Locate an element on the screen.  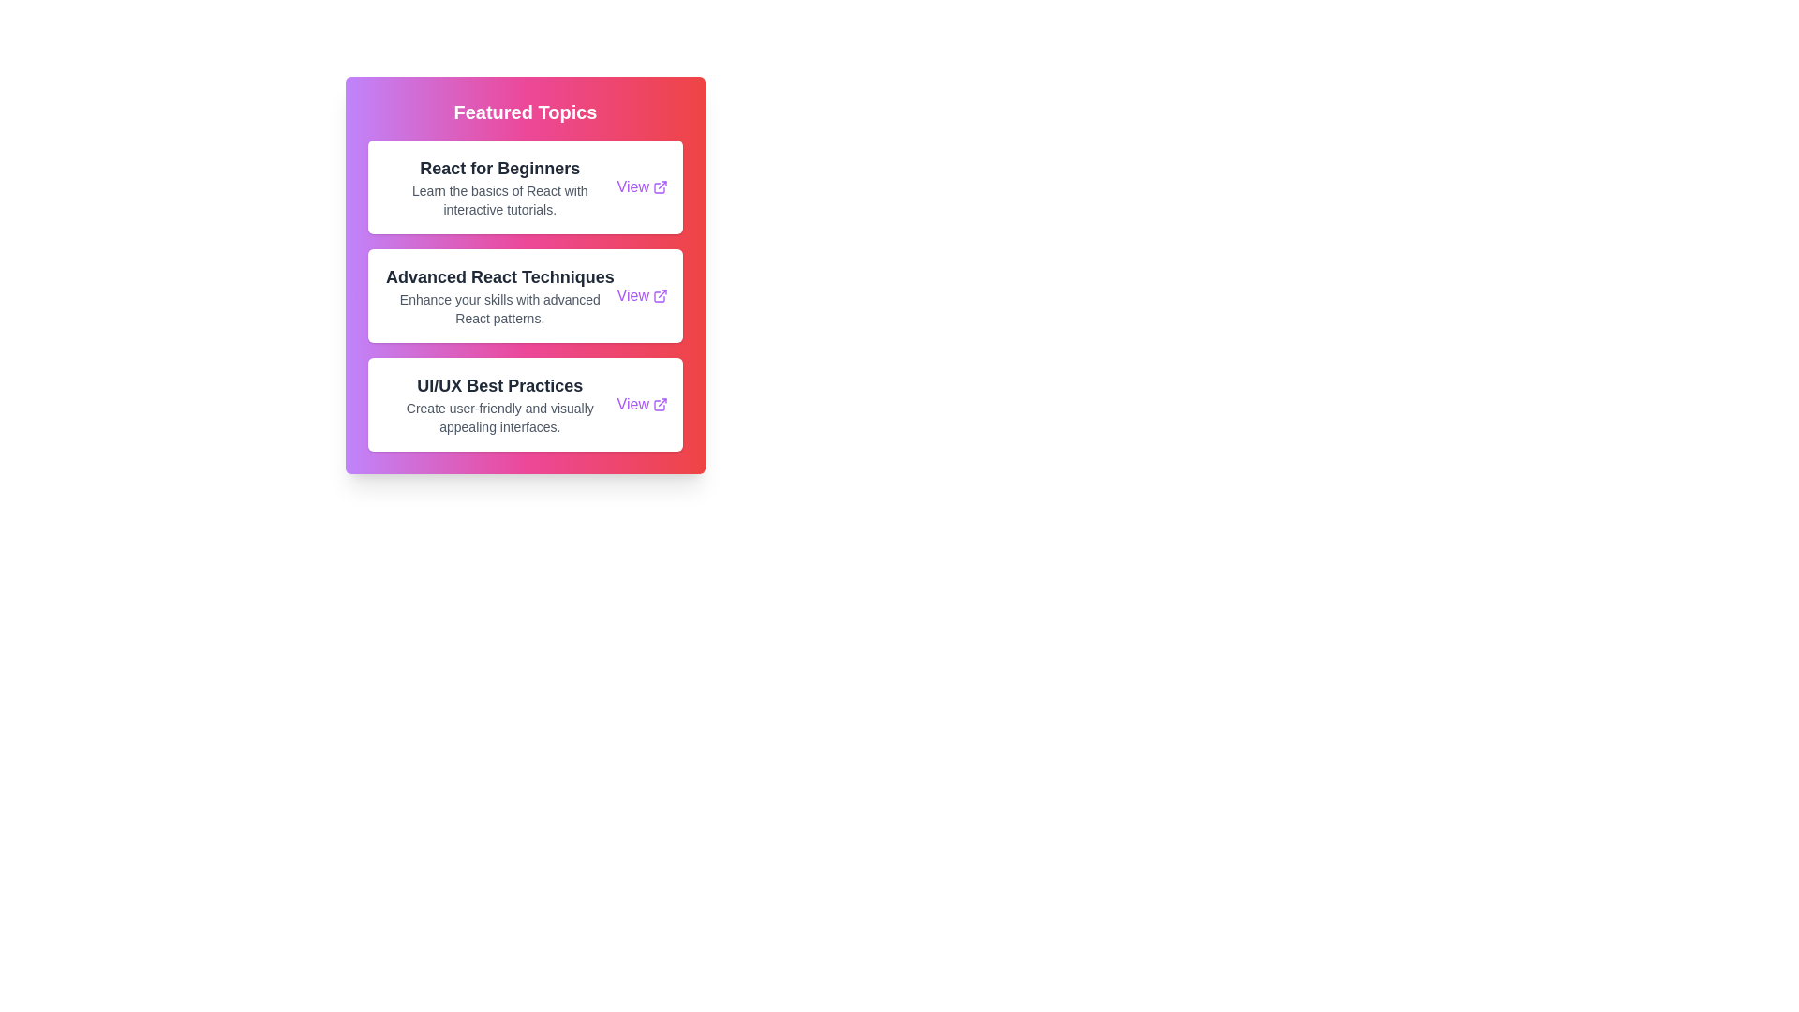
the static text that reads 'Learn the basics of React with interactive tutorials.' located below the heading 'React for Beginners' in the 'Featured Topics' card is located at coordinates (499, 200).